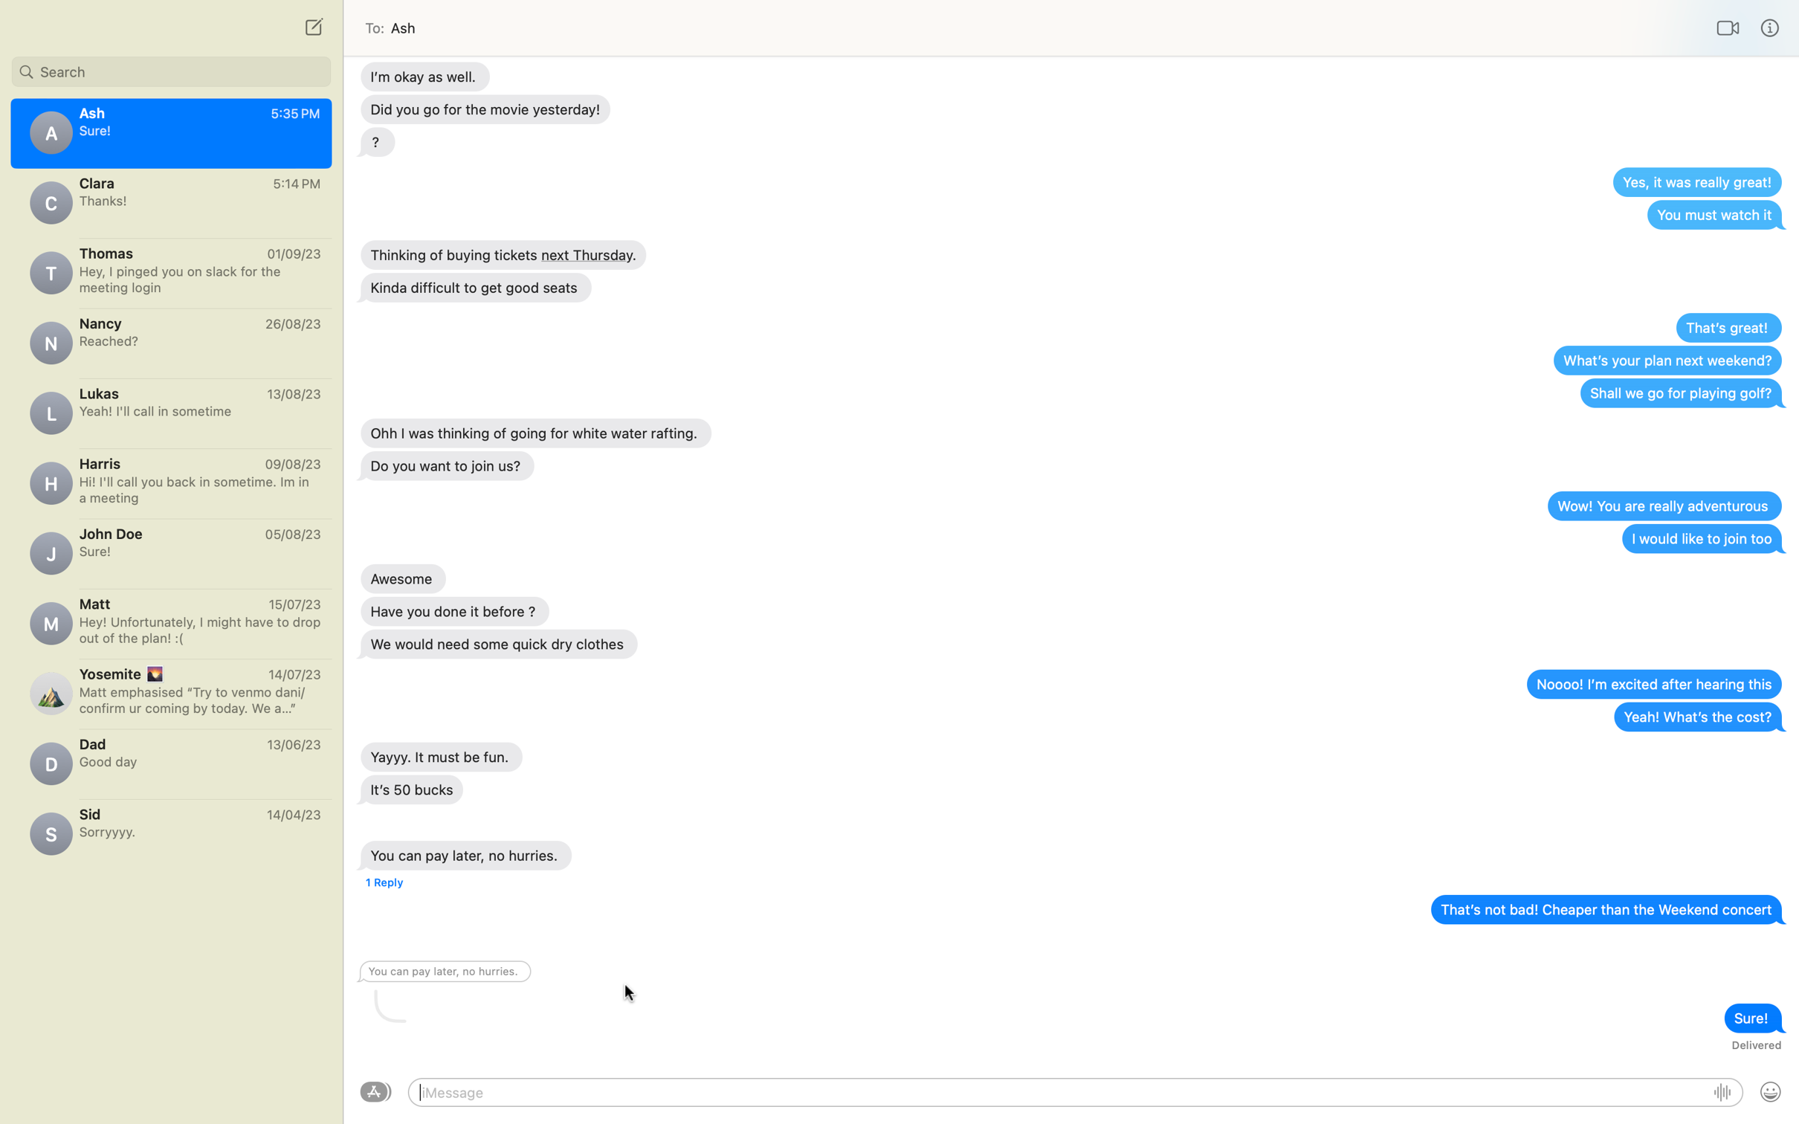 The image size is (1799, 1124). What do you see at coordinates (1666, 359) in the screenshot?
I see `Interact with "Next weekend plan" link` at bounding box center [1666, 359].